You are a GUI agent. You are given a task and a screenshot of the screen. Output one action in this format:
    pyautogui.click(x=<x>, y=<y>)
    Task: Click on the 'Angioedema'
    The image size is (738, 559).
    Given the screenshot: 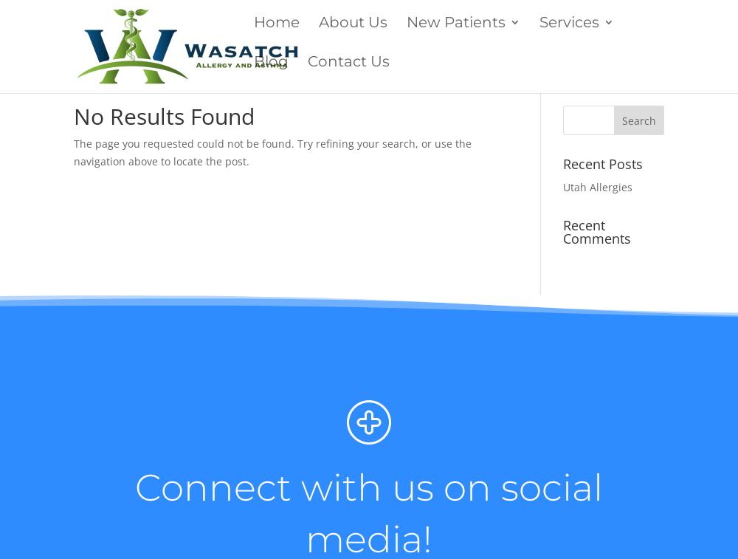 What is the action you would take?
    pyautogui.click(x=569, y=316)
    